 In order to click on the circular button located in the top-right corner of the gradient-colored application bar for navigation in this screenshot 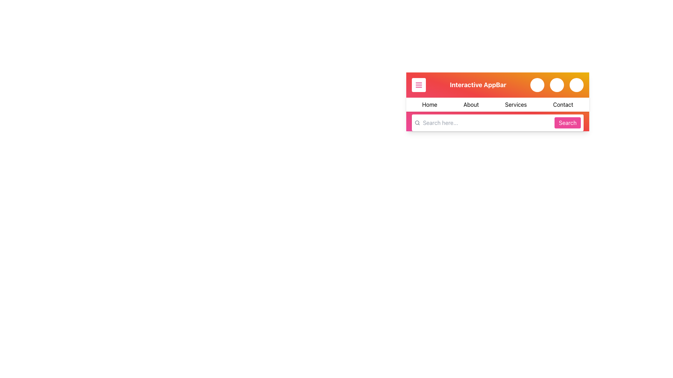, I will do `click(556, 85)`.